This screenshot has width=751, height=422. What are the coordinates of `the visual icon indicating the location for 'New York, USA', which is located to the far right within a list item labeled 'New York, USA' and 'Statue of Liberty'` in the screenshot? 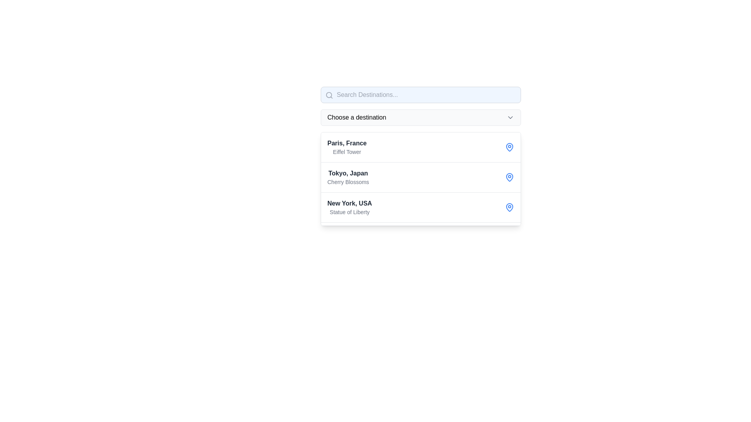 It's located at (509, 207).